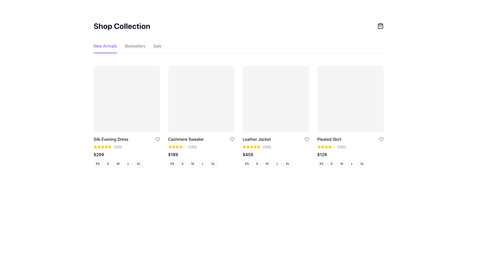 The height and width of the screenshot is (276, 491). What do you see at coordinates (102, 147) in the screenshot?
I see `the third yellow star in the rating display for the 'Silk Evening Dress' product, which is located below the product image` at bounding box center [102, 147].